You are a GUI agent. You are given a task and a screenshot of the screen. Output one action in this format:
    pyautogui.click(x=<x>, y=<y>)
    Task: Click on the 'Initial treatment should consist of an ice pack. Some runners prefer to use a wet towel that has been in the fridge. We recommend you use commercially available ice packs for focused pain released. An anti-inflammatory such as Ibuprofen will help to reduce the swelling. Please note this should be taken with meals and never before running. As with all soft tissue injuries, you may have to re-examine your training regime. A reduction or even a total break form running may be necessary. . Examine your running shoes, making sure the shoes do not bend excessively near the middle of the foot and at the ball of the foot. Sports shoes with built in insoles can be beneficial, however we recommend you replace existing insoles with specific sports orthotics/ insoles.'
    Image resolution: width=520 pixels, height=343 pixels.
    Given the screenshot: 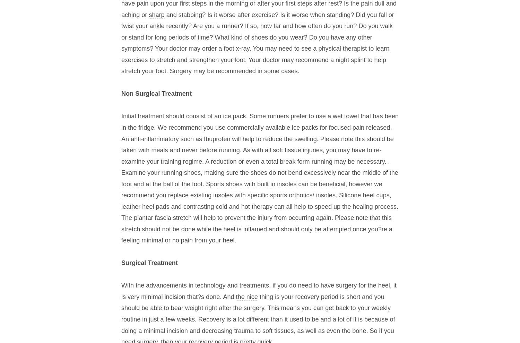 What is the action you would take?
    pyautogui.click(x=259, y=155)
    